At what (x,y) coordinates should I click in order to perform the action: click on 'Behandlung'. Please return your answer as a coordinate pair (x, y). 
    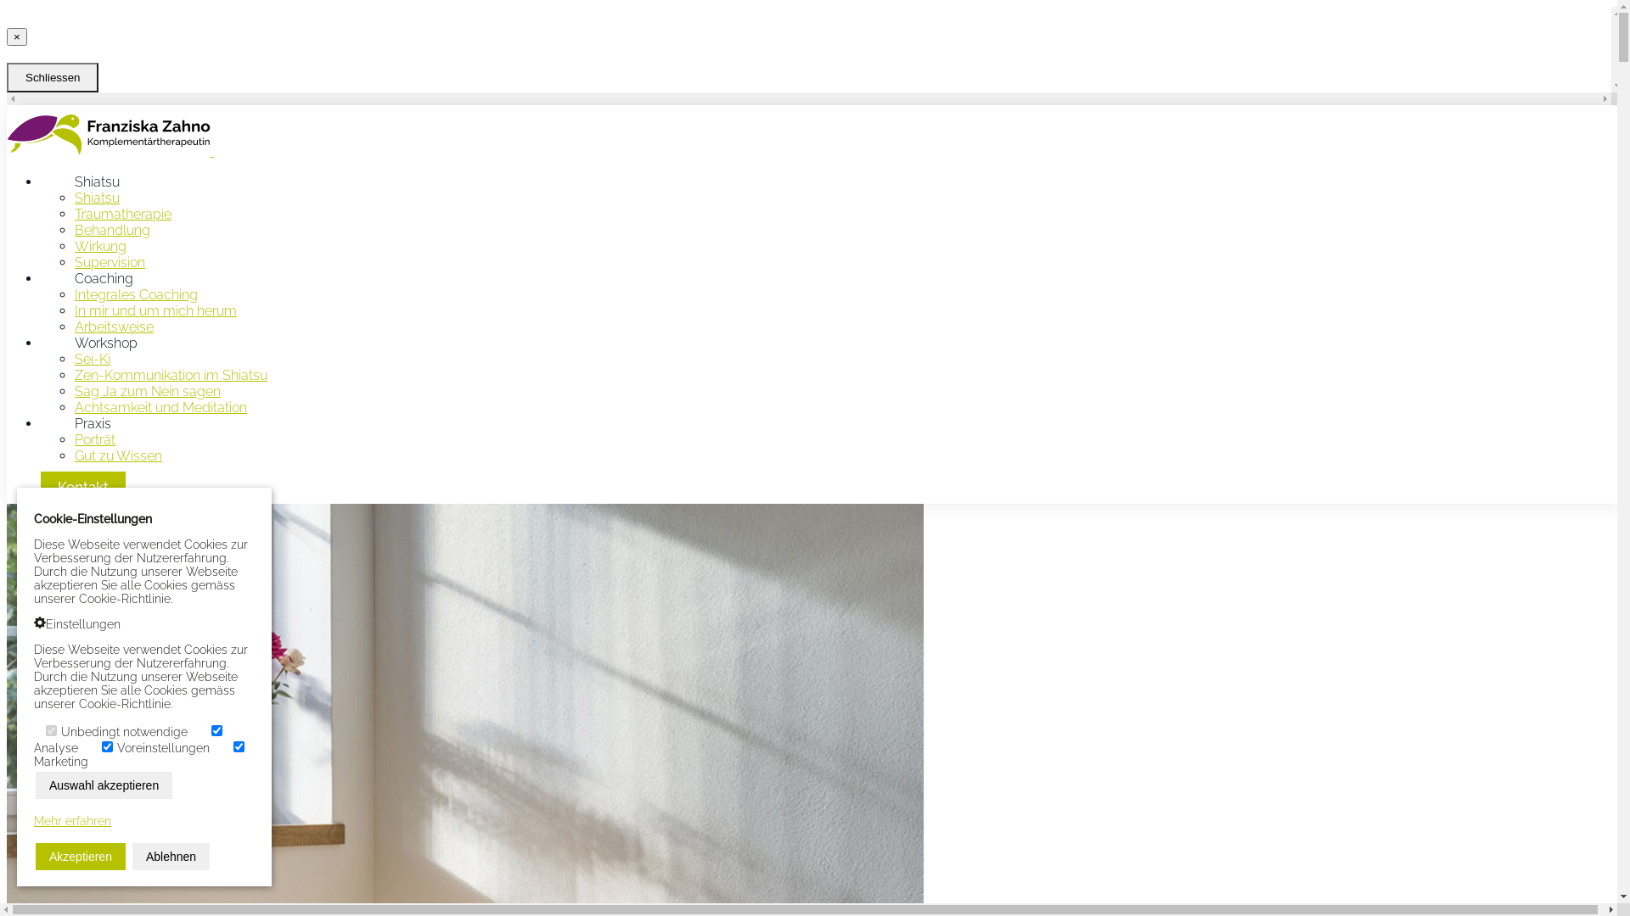
    Looking at the image, I should click on (111, 230).